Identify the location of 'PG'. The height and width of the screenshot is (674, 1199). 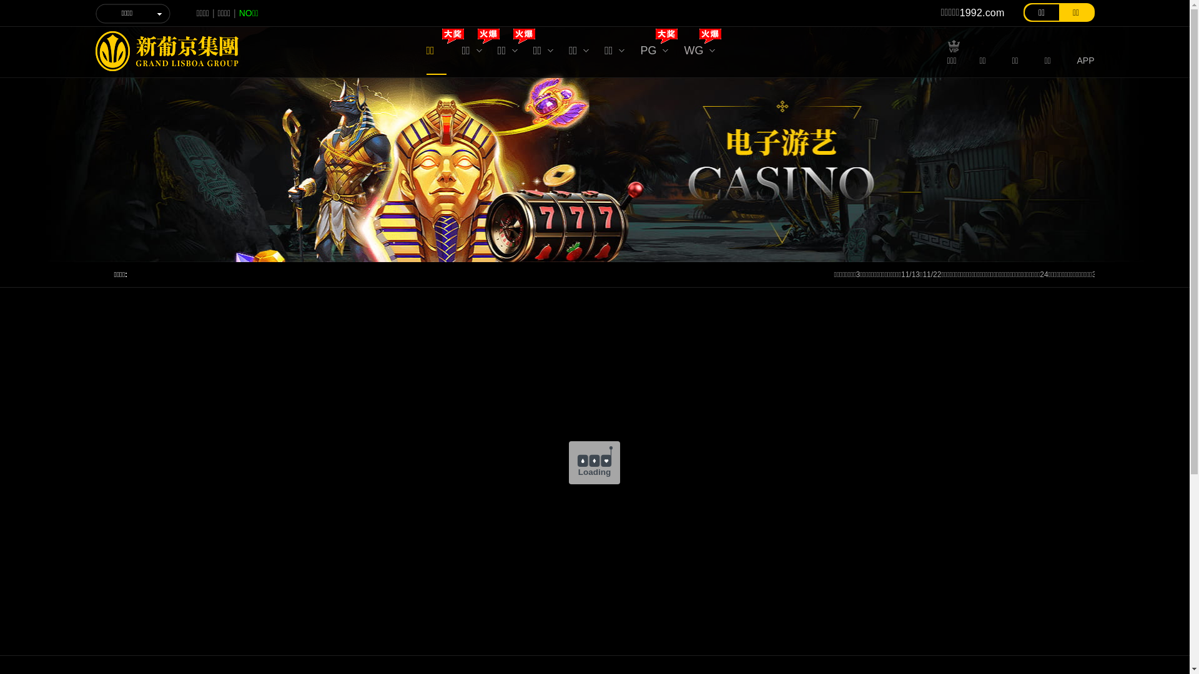
(653, 53).